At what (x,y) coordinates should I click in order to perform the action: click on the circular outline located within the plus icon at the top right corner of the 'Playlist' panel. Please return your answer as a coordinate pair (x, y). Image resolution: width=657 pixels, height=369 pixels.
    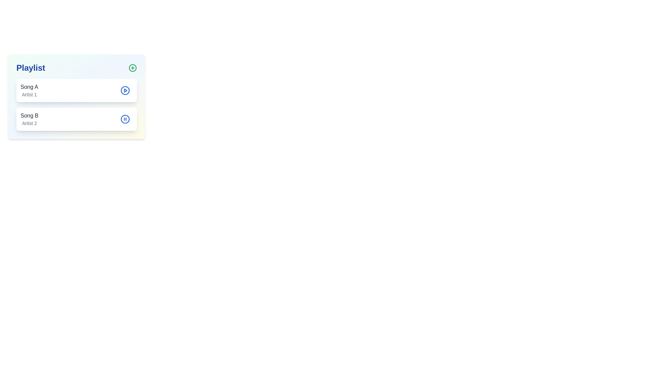
    Looking at the image, I should click on (133, 68).